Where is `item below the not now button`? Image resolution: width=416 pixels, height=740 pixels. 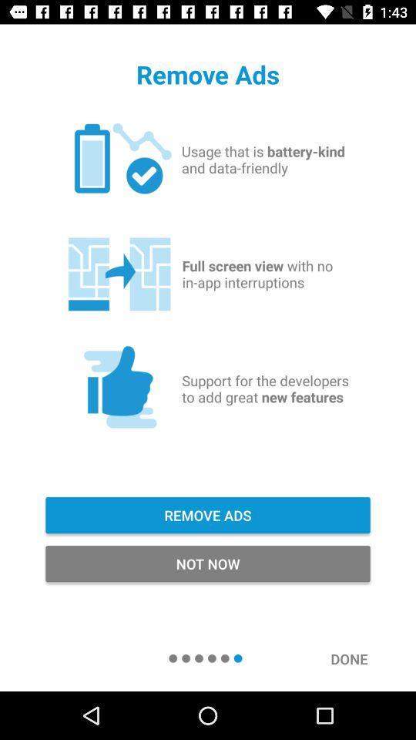
item below the not now button is located at coordinates (357, 658).